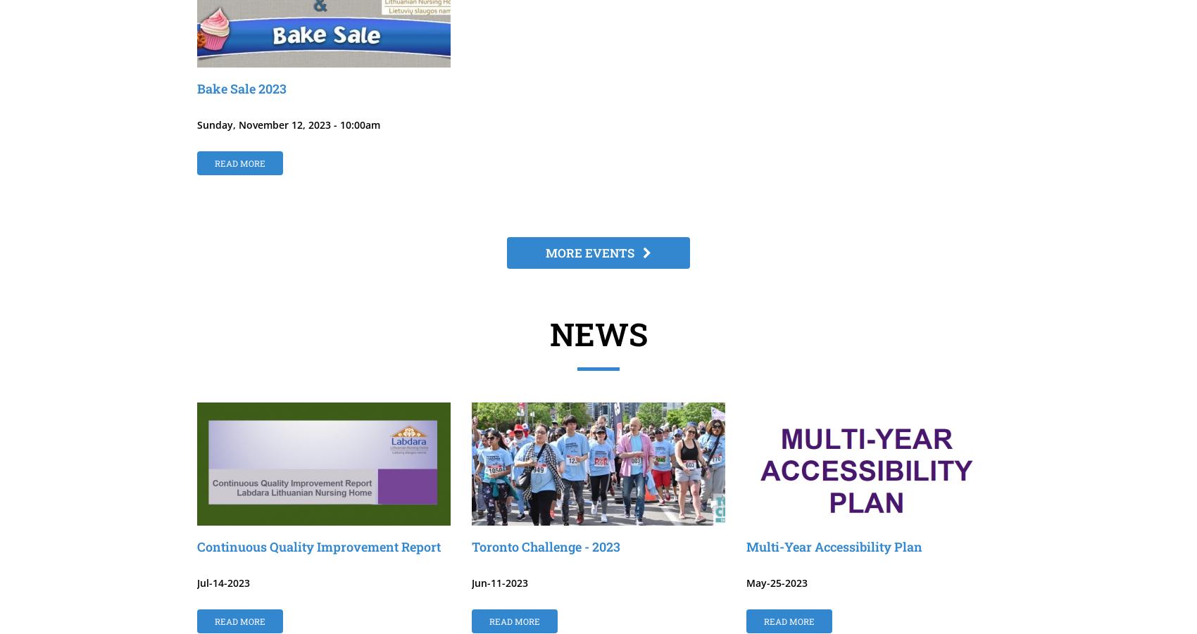 The image size is (1197, 634). Describe the element at coordinates (471, 583) in the screenshot. I see `'Jun-11-2023'` at that location.